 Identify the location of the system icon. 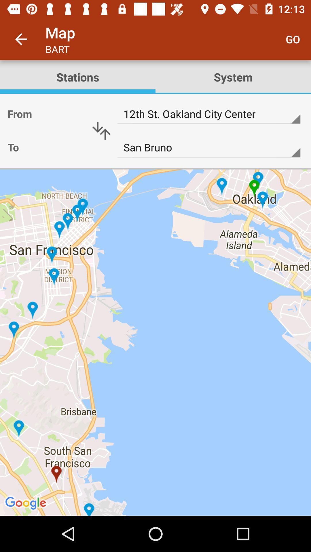
(233, 77).